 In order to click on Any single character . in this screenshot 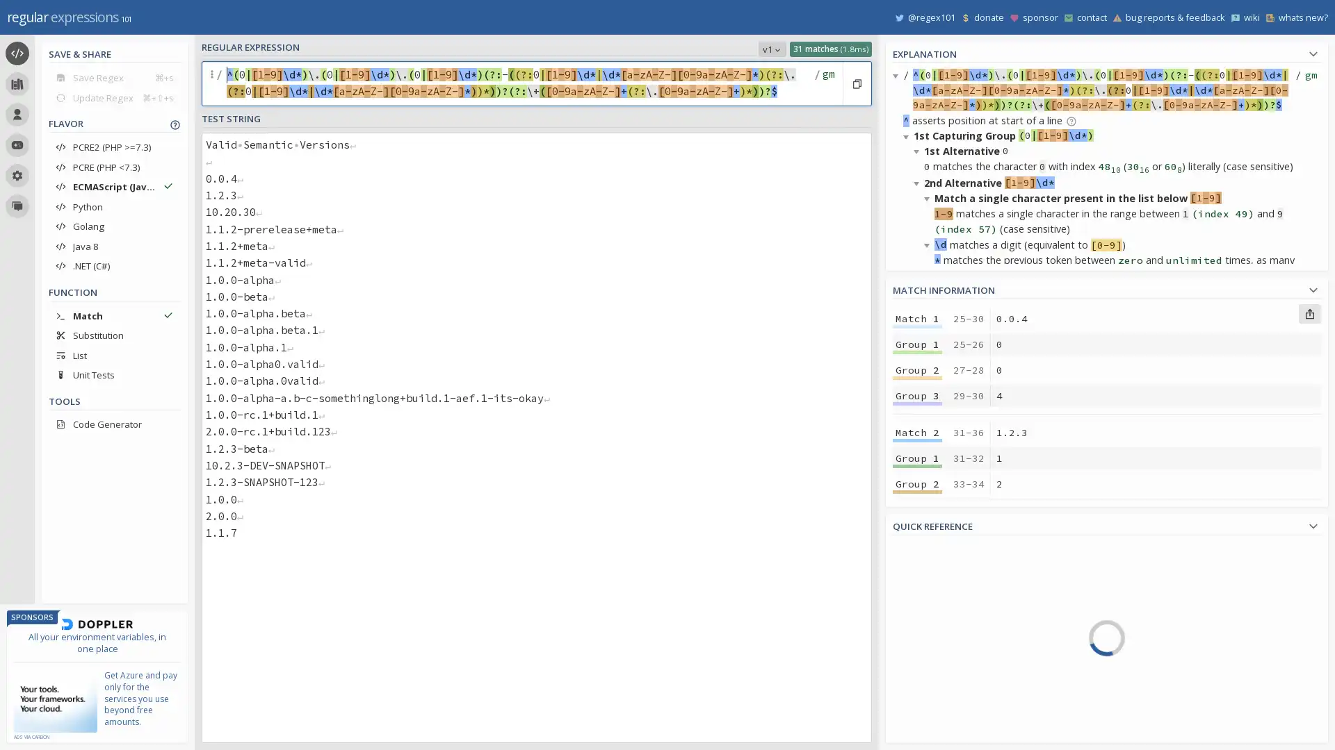, I will do `click(1176, 649)`.